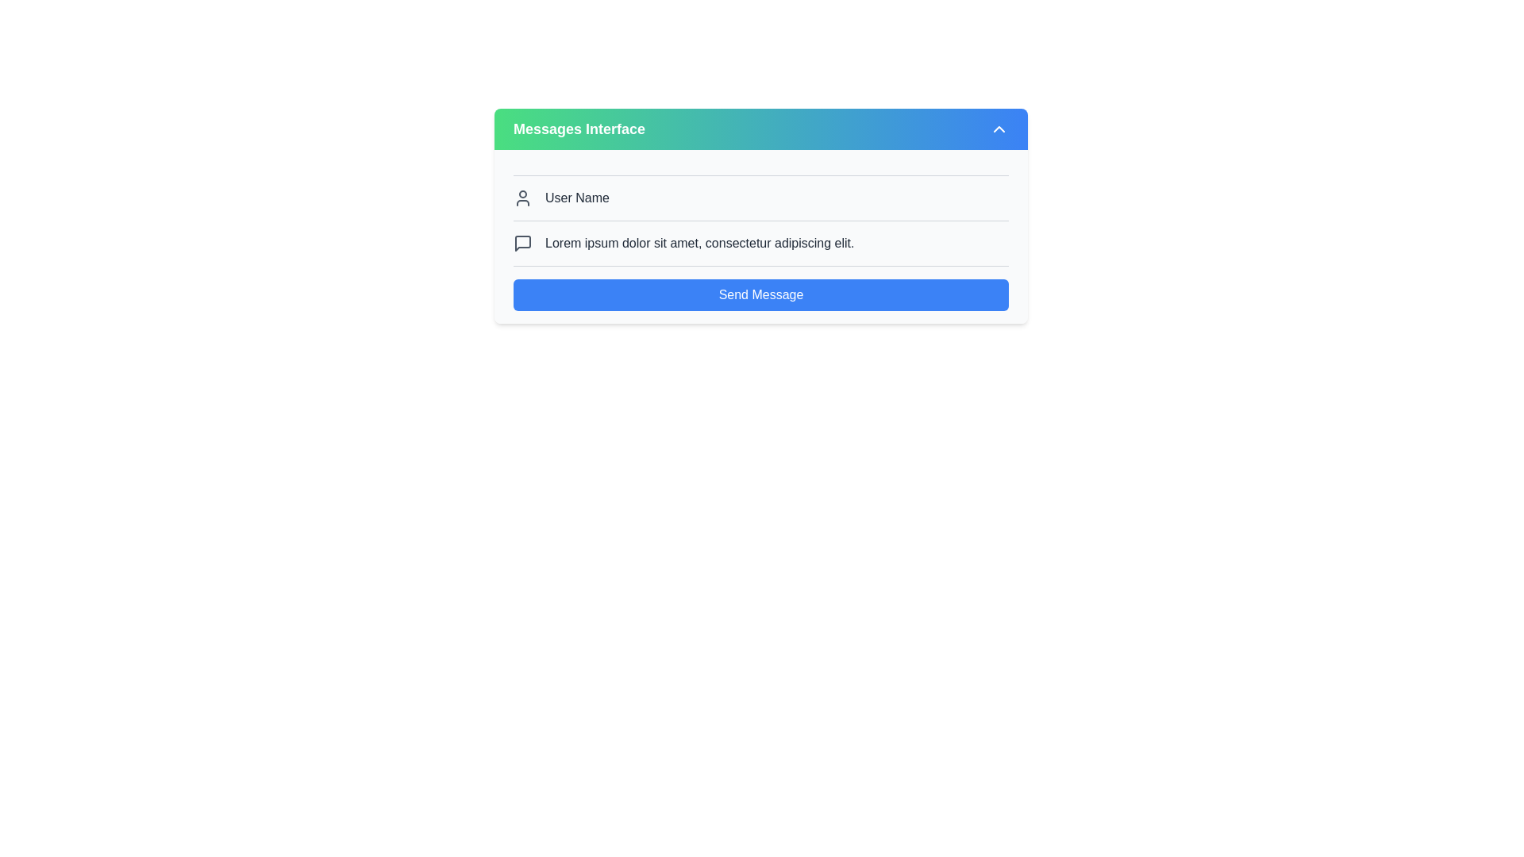 The width and height of the screenshot is (1524, 857). I want to click on the static text display element that shows a message or description, located to the right of a small message icon in the middle of the interface, so click(698, 244).